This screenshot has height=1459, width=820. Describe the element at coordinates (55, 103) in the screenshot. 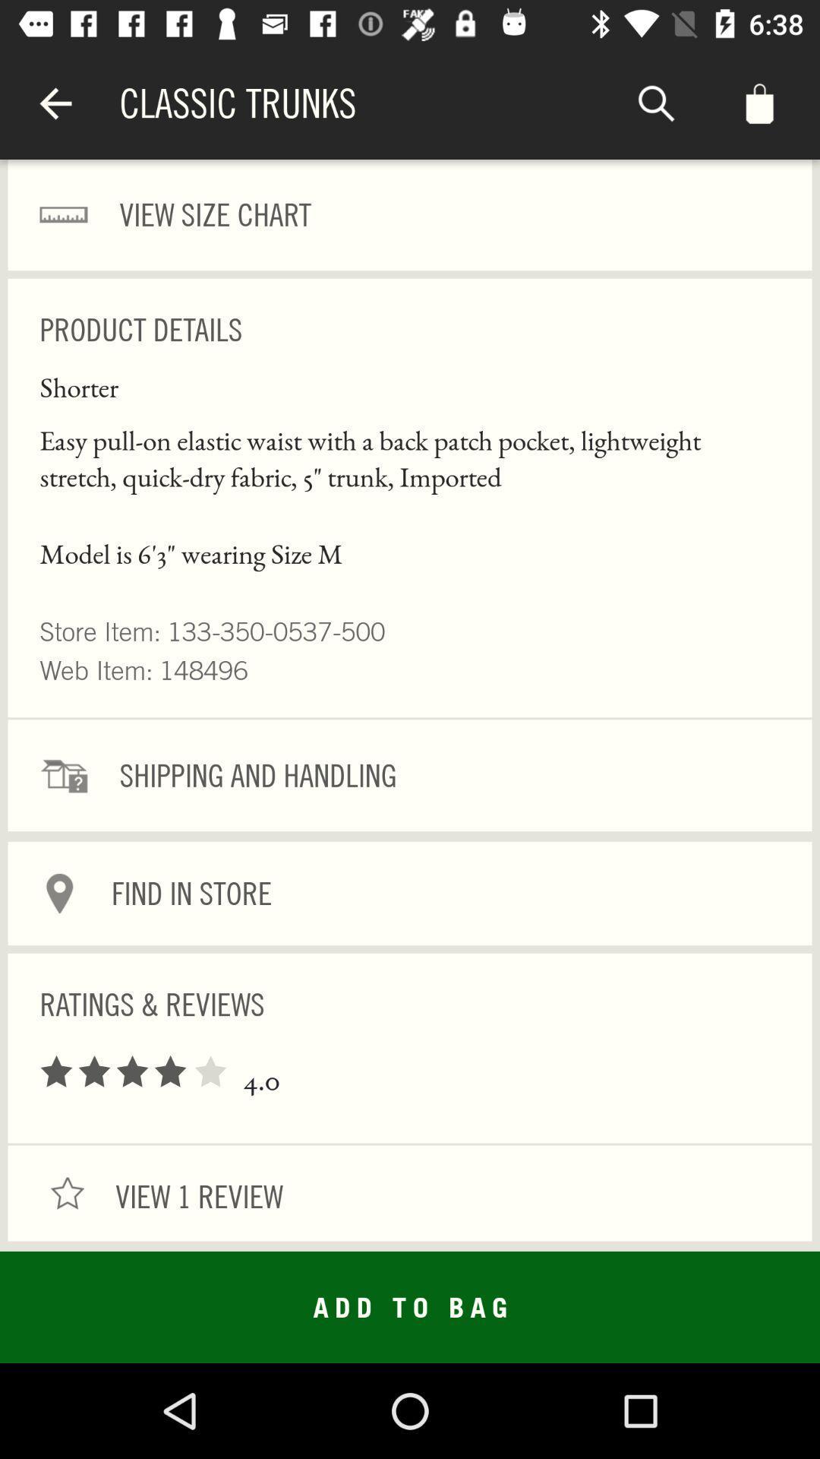

I see `icon above view size chart item` at that location.